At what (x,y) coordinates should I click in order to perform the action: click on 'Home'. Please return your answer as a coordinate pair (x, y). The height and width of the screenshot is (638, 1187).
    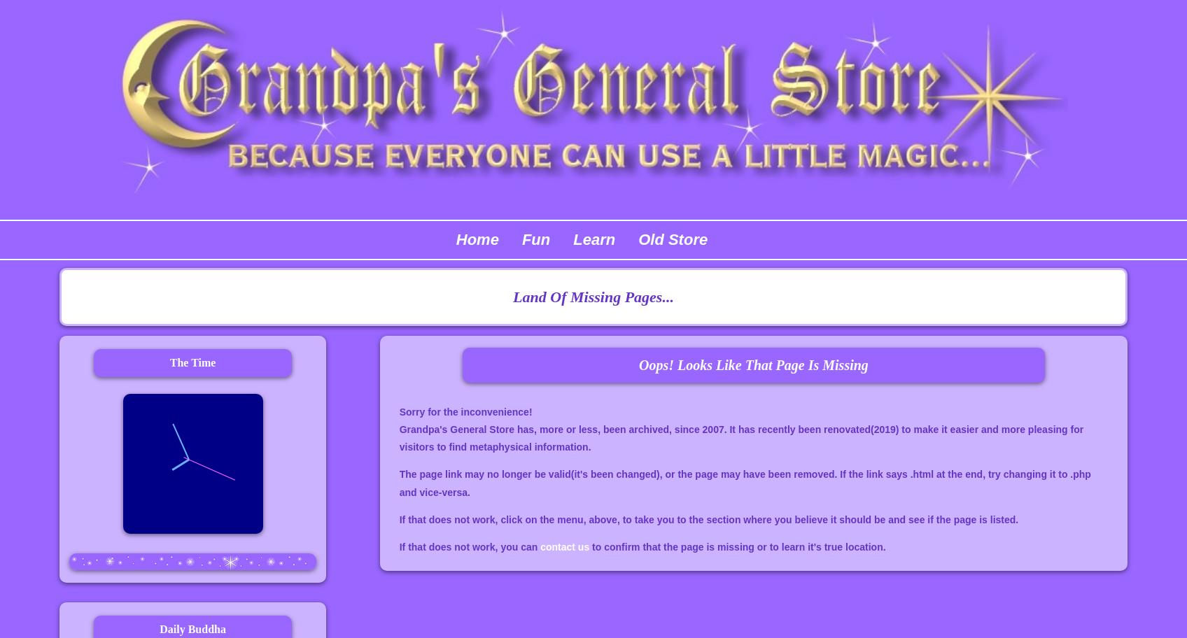
    Looking at the image, I should click on (476, 239).